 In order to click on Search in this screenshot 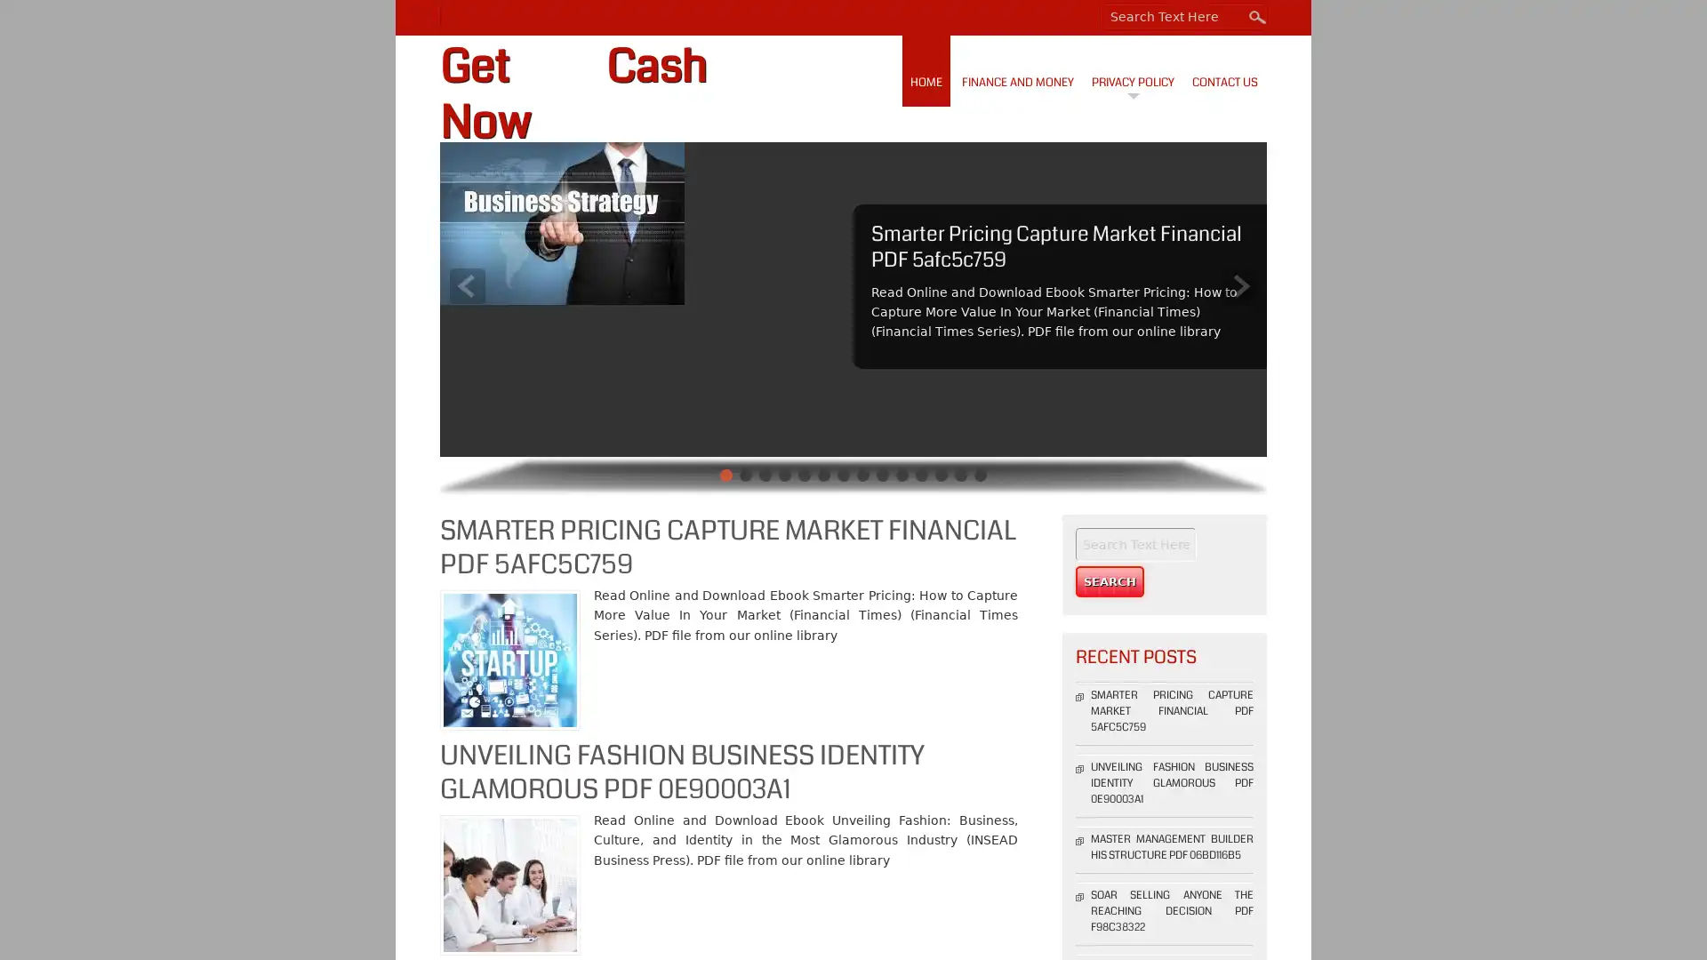, I will do `click(1109, 581)`.